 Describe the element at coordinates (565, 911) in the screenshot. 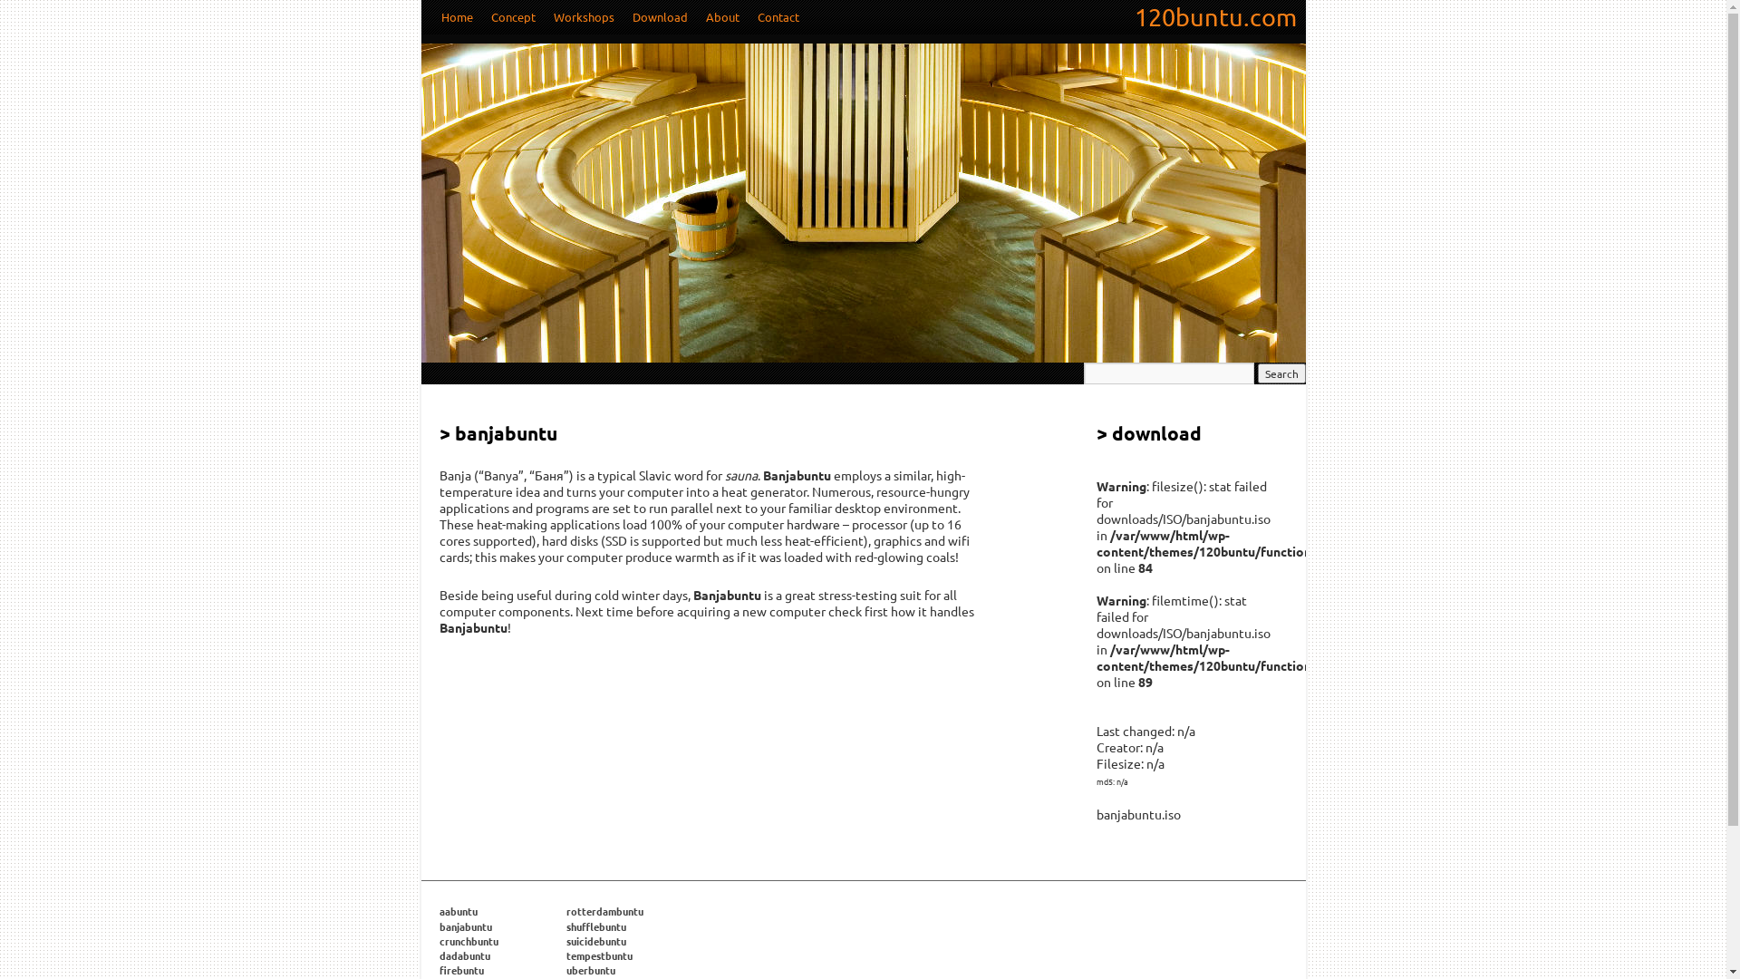

I see `'rotterdambuntu'` at that location.